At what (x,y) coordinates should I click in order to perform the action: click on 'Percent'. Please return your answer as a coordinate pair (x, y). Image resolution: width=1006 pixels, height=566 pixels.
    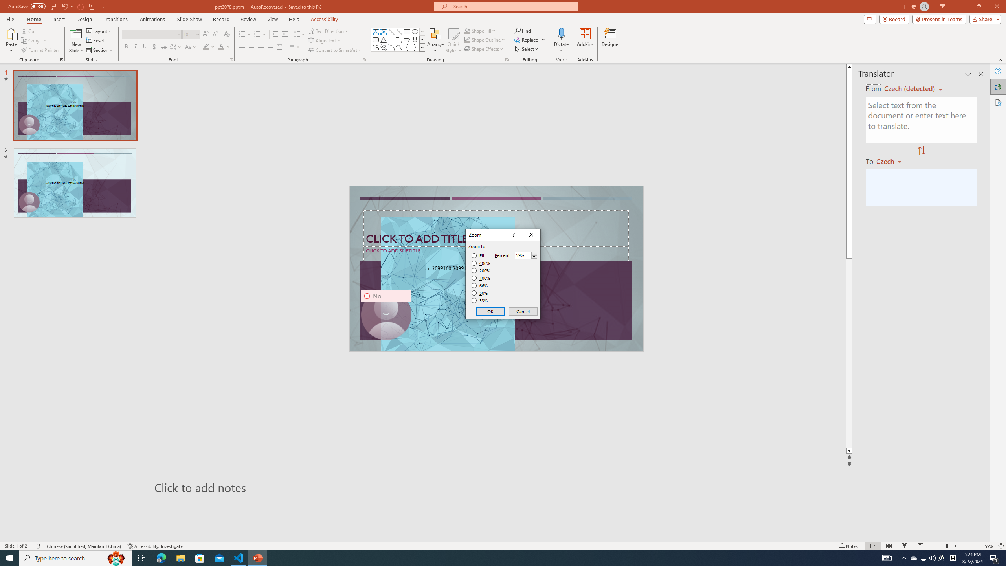
    Looking at the image, I should click on (523, 255).